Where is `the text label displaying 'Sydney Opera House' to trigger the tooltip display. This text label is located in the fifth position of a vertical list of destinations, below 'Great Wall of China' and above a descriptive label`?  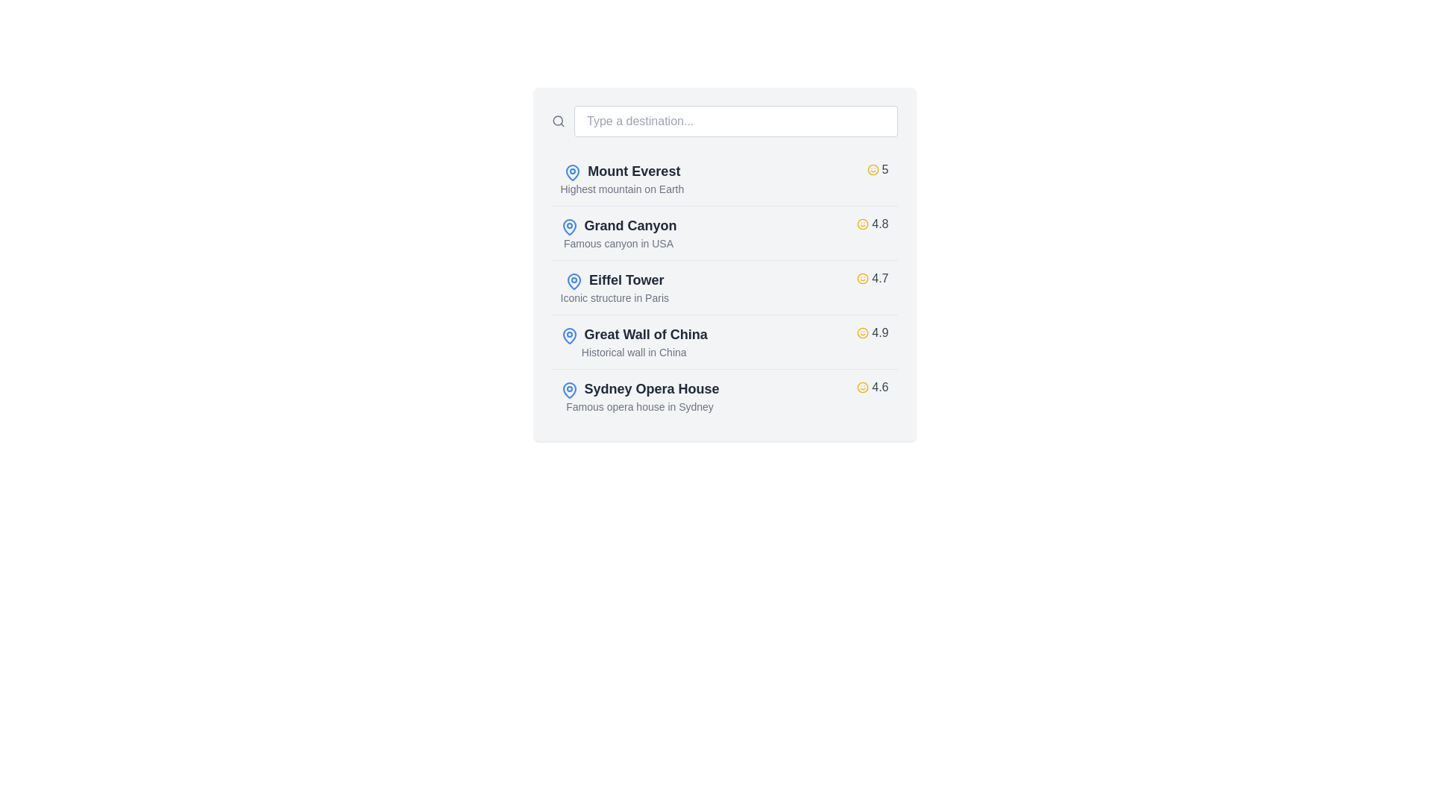 the text label displaying 'Sydney Opera House' to trigger the tooltip display. This text label is located in the fifth position of a vertical list of destinations, below 'Great Wall of China' and above a descriptive label is located at coordinates (651, 388).